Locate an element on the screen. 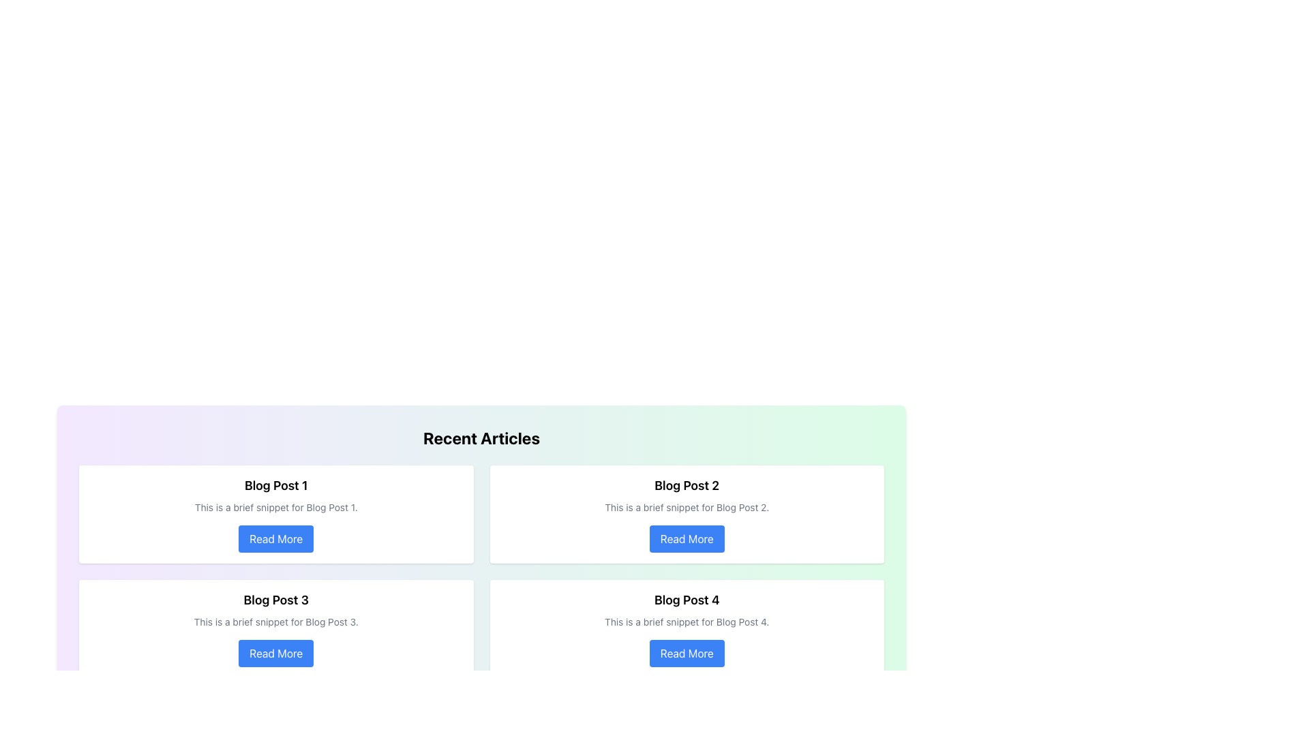  the navigation button located at the bottom-right corner of the page is located at coordinates (867, 715).